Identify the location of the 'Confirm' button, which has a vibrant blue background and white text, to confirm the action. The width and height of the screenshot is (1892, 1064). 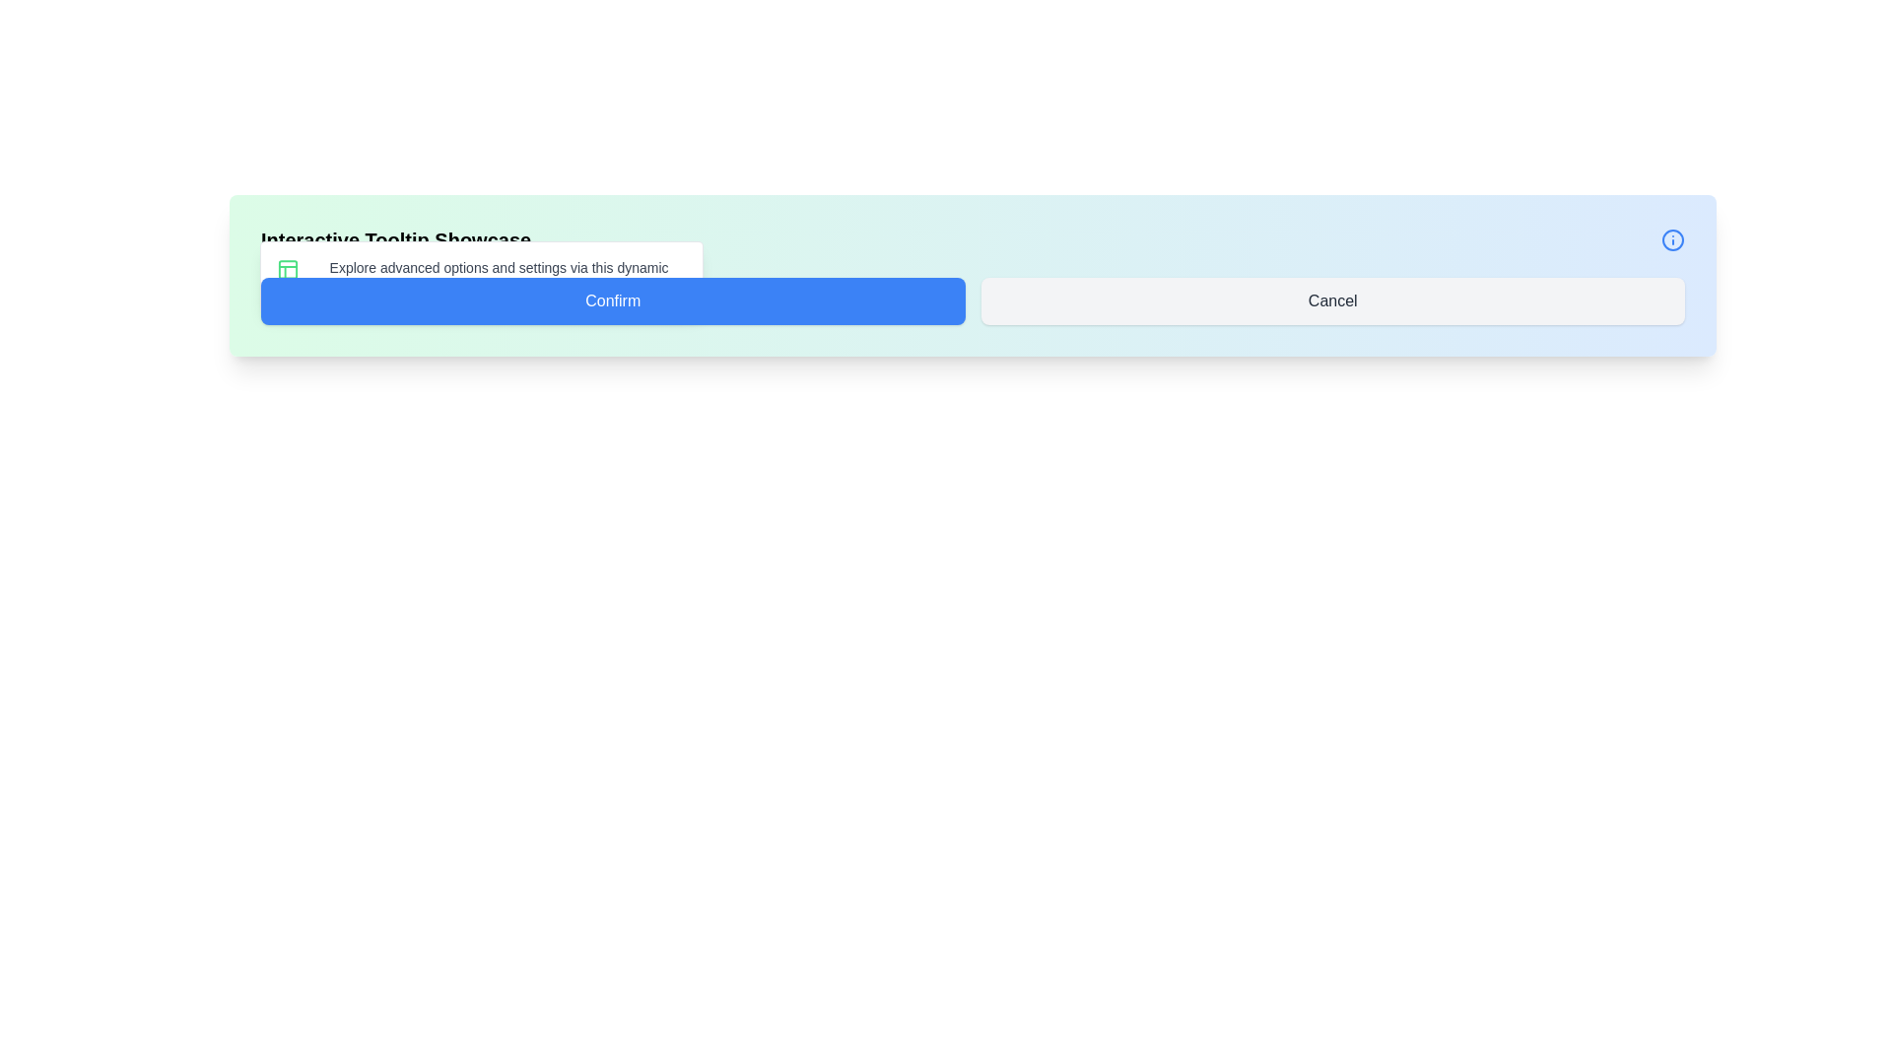
(612, 300).